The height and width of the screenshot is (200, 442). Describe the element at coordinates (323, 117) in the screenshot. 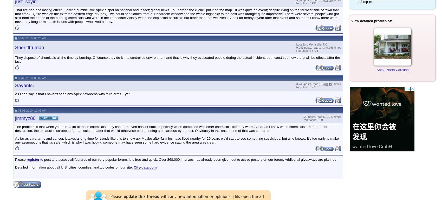

I see `'691,942'` at that location.